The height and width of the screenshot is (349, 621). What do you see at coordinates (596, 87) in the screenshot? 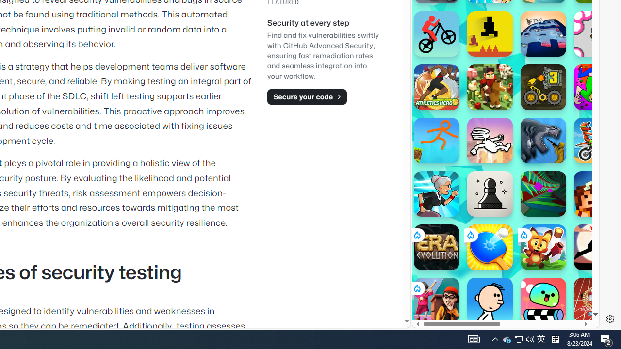
I see `'JollyWorld JollyWorld'` at bounding box center [596, 87].